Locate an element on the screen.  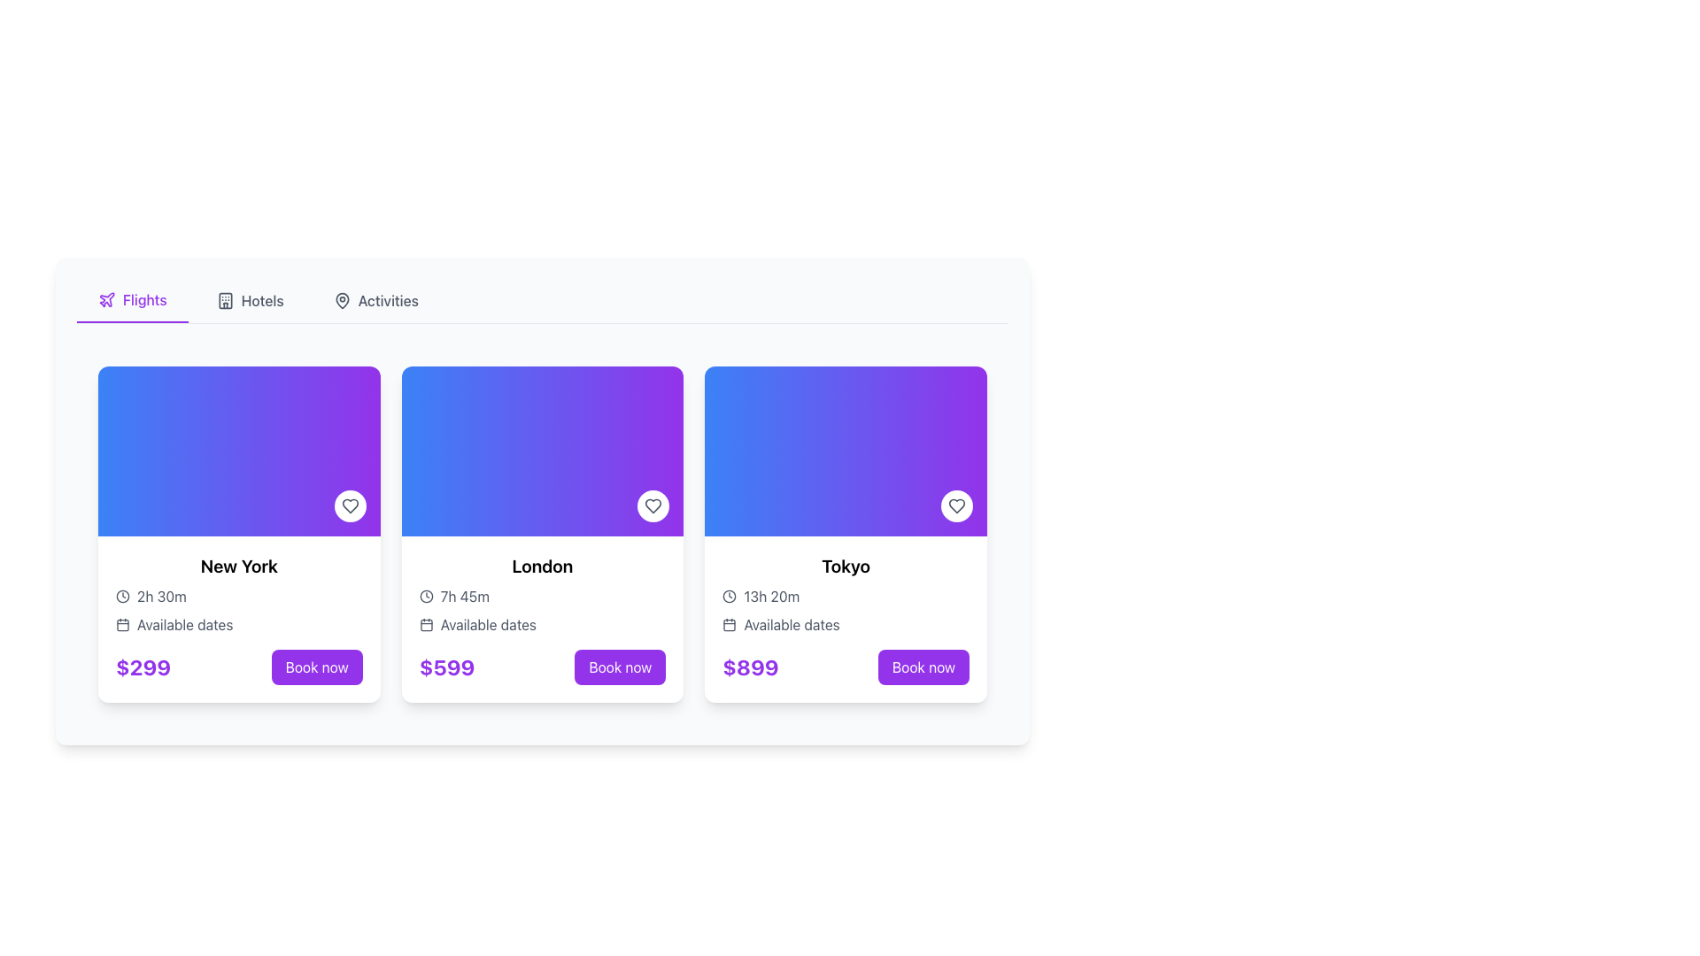
the text displaying '2h 30m' in a gray-styled font, positioned next to the clock icon under the 'New York' card is located at coordinates (161, 597).